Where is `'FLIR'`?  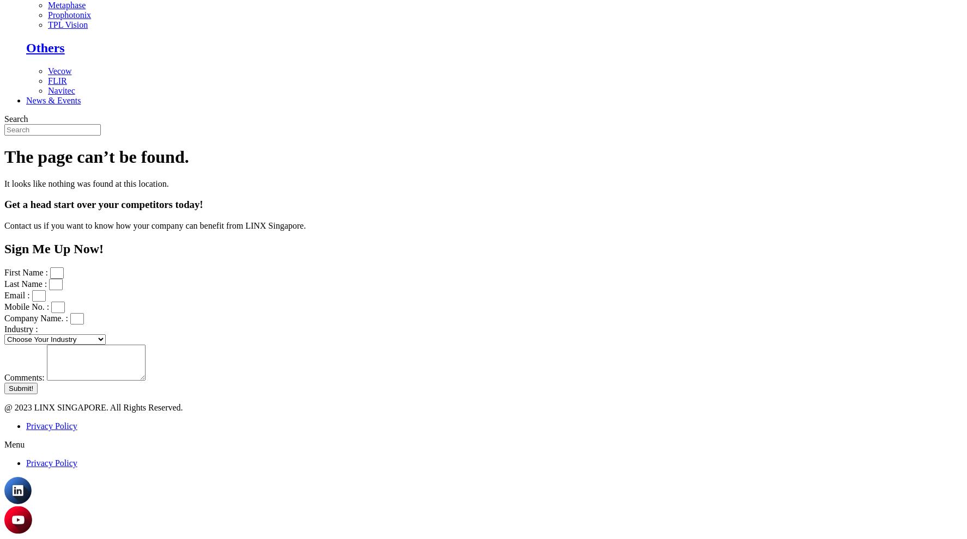
'FLIR' is located at coordinates (57, 79).